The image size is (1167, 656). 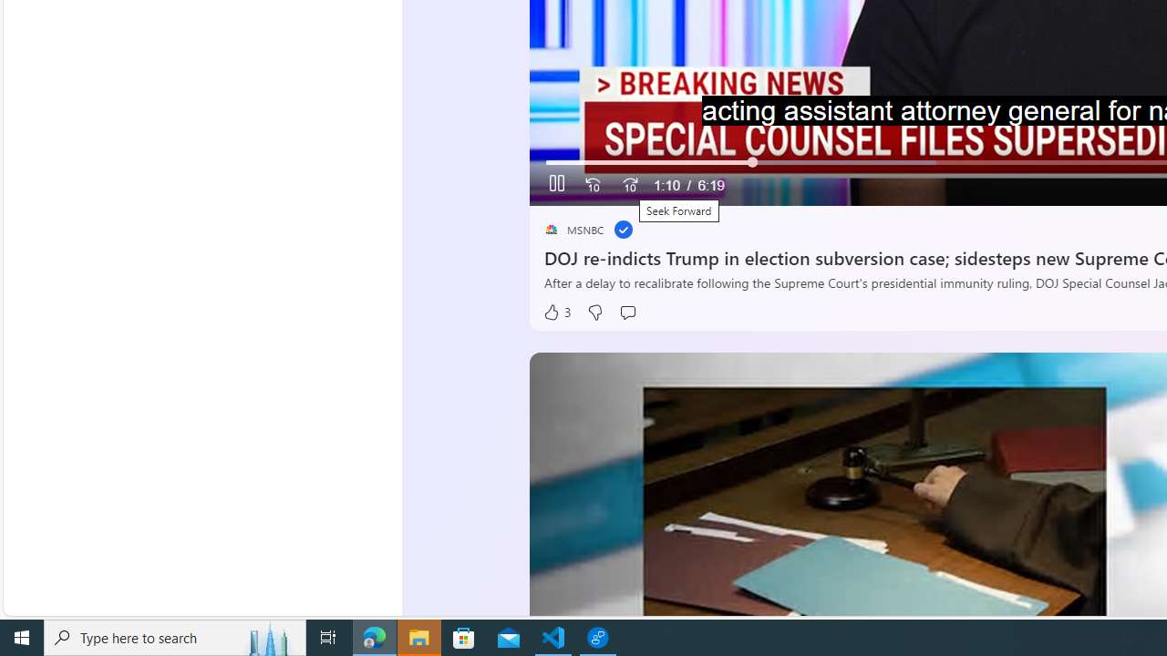 What do you see at coordinates (556, 312) in the screenshot?
I see `'3 Like'` at bounding box center [556, 312].